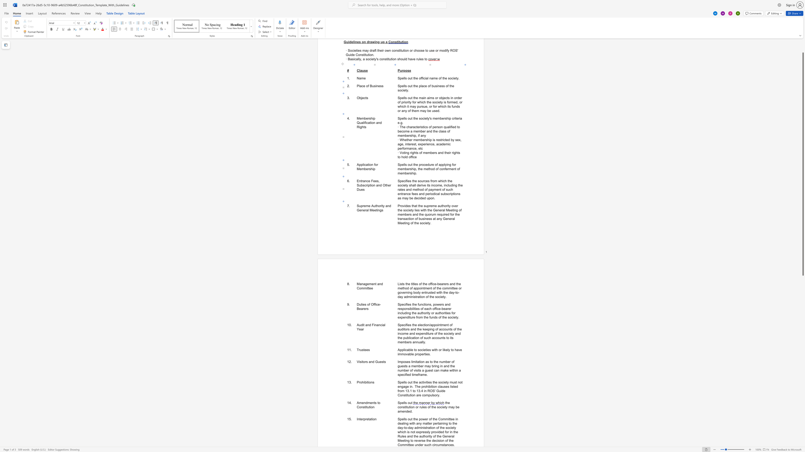 This screenshot has width=805, height=452. I want to click on the space between the continuous character "n" and "o" in the text, so click(412, 432).